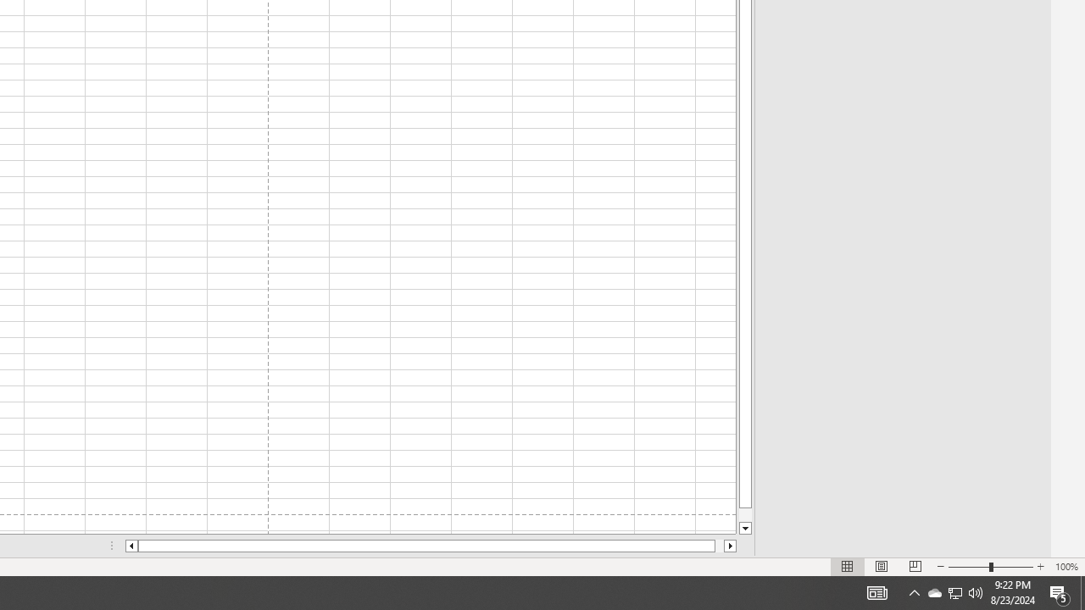 Image resolution: width=1085 pixels, height=610 pixels. I want to click on 'Notification Chevron', so click(955, 591).